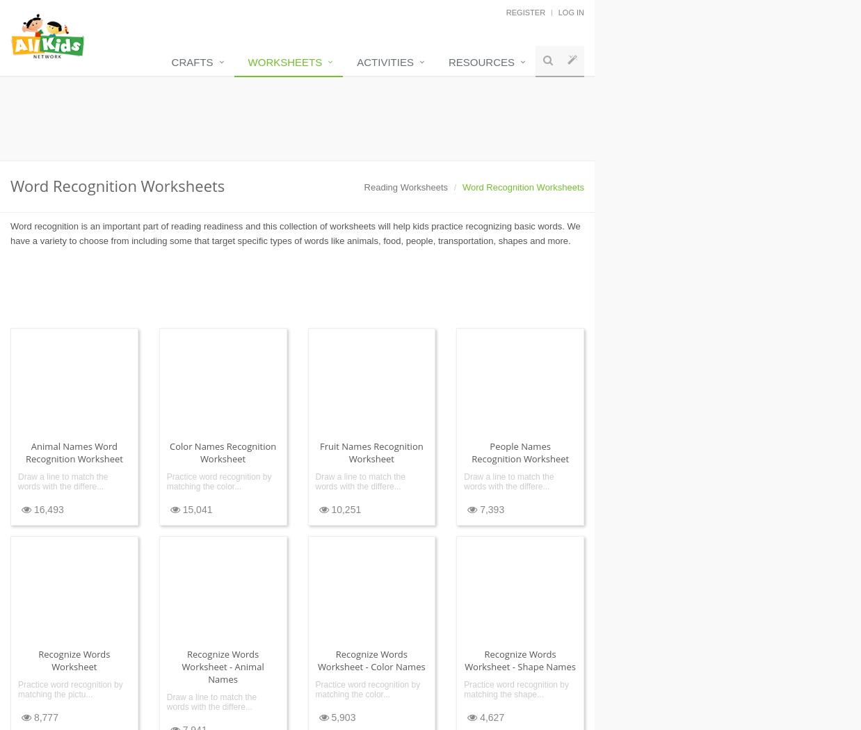 Image resolution: width=861 pixels, height=730 pixels. I want to click on 'REGISTER', so click(525, 12).